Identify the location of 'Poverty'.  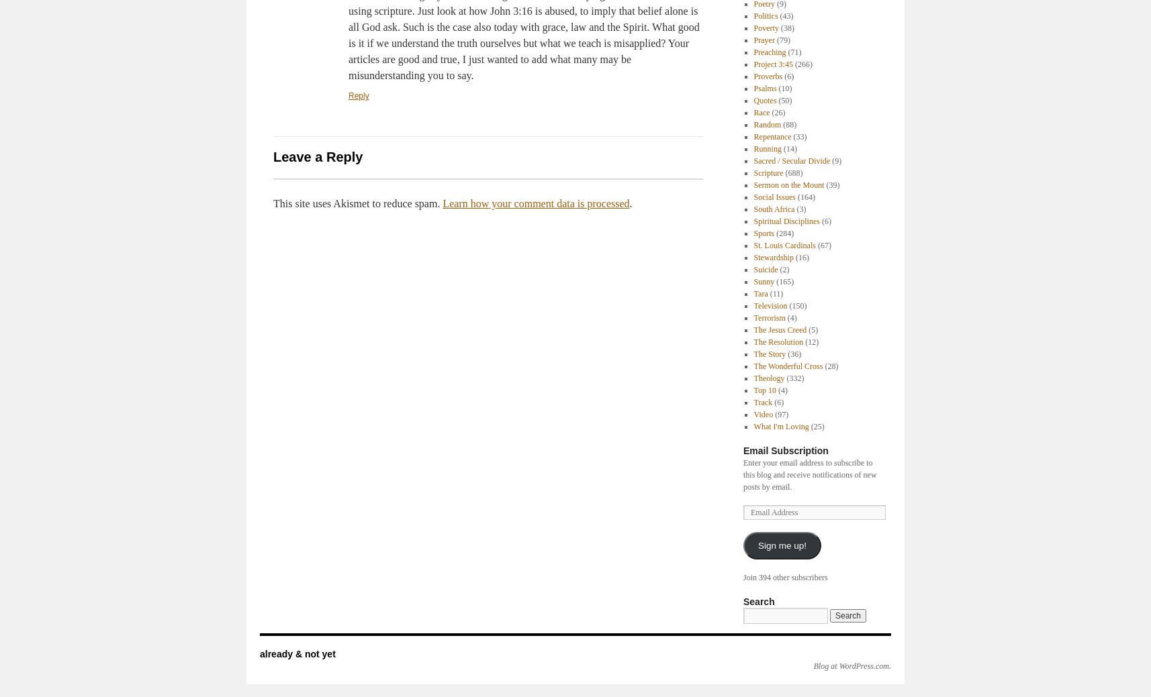
(766, 27).